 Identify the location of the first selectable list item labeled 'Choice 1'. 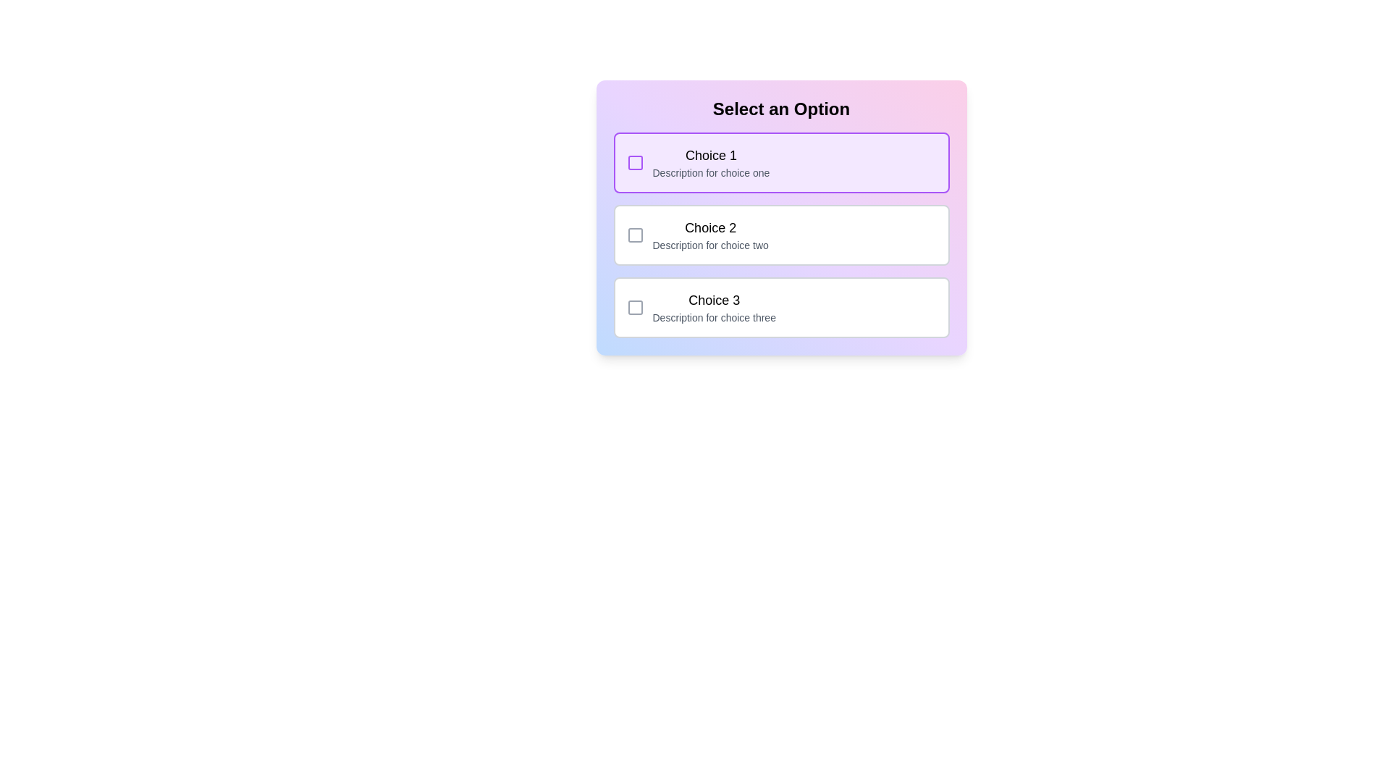
(780, 162).